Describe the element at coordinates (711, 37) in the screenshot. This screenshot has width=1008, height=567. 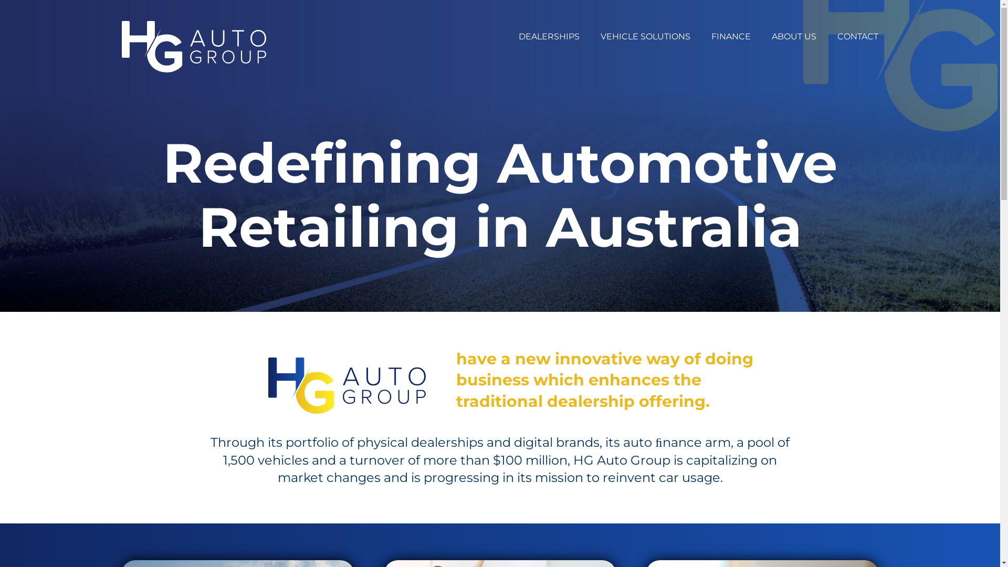
I see `'FINANCE'` at that location.